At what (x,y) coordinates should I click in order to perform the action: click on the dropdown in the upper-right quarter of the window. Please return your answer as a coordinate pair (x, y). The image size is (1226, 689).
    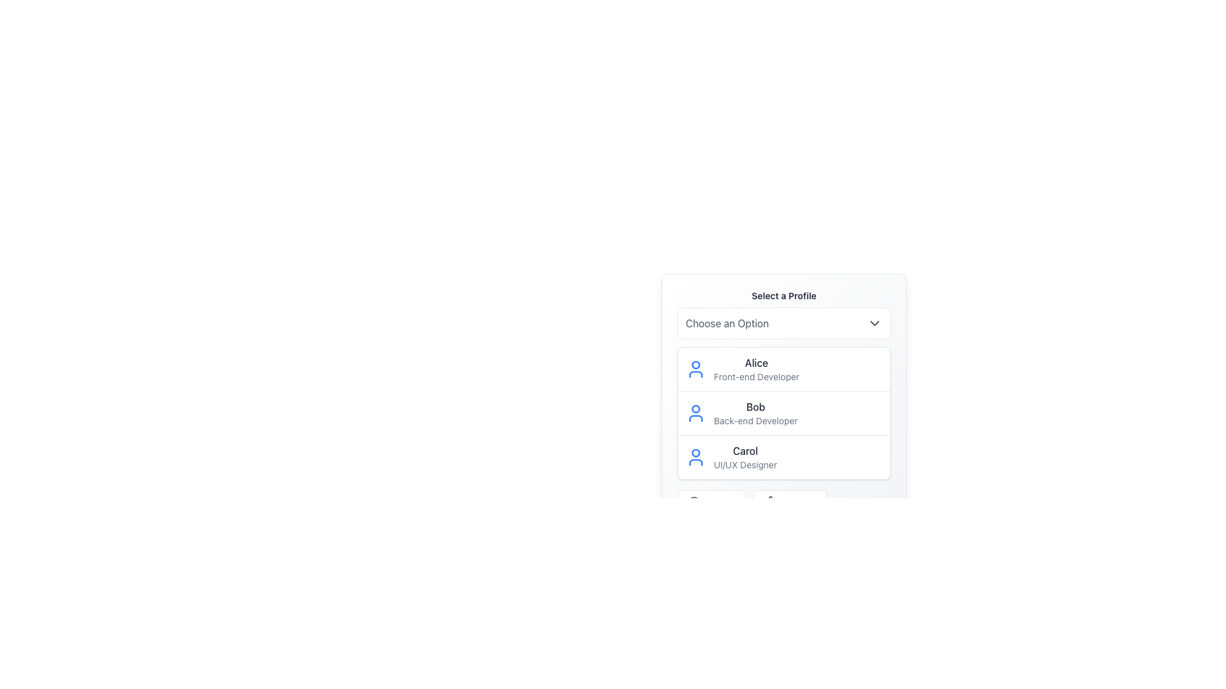
    Looking at the image, I should click on (906, 378).